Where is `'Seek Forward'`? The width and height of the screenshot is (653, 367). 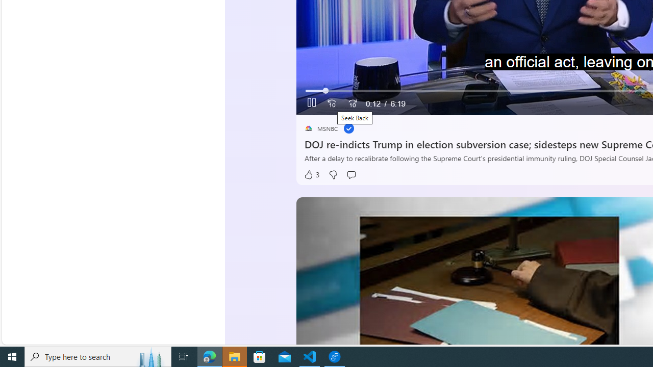 'Seek Forward' is located at coordinates (352, 103).